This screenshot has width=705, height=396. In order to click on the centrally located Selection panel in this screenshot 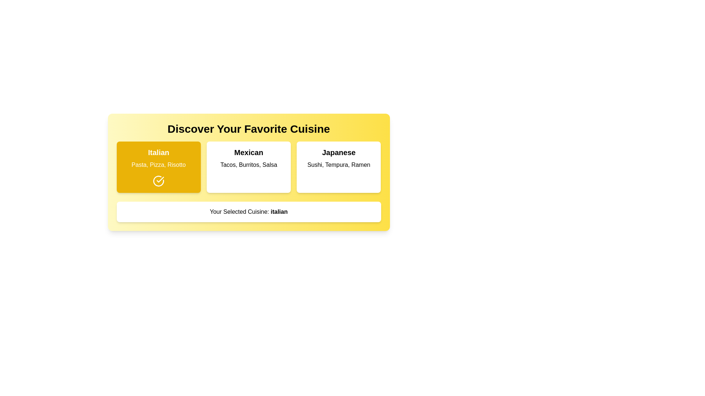, I will do `click(249, 172)`.